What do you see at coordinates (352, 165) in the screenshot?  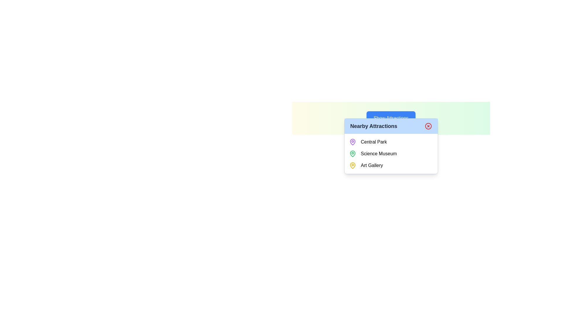 I see `the yellow elliptical border of the map pin icon, which is the outer border surrounding the circular center of the pin` at bounding box center [352, 165].